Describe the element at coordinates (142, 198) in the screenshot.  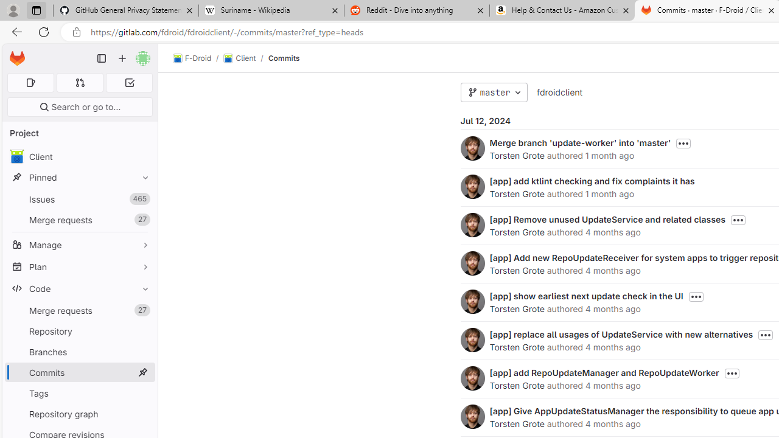
I see `'Unpin Issues'` at that location.